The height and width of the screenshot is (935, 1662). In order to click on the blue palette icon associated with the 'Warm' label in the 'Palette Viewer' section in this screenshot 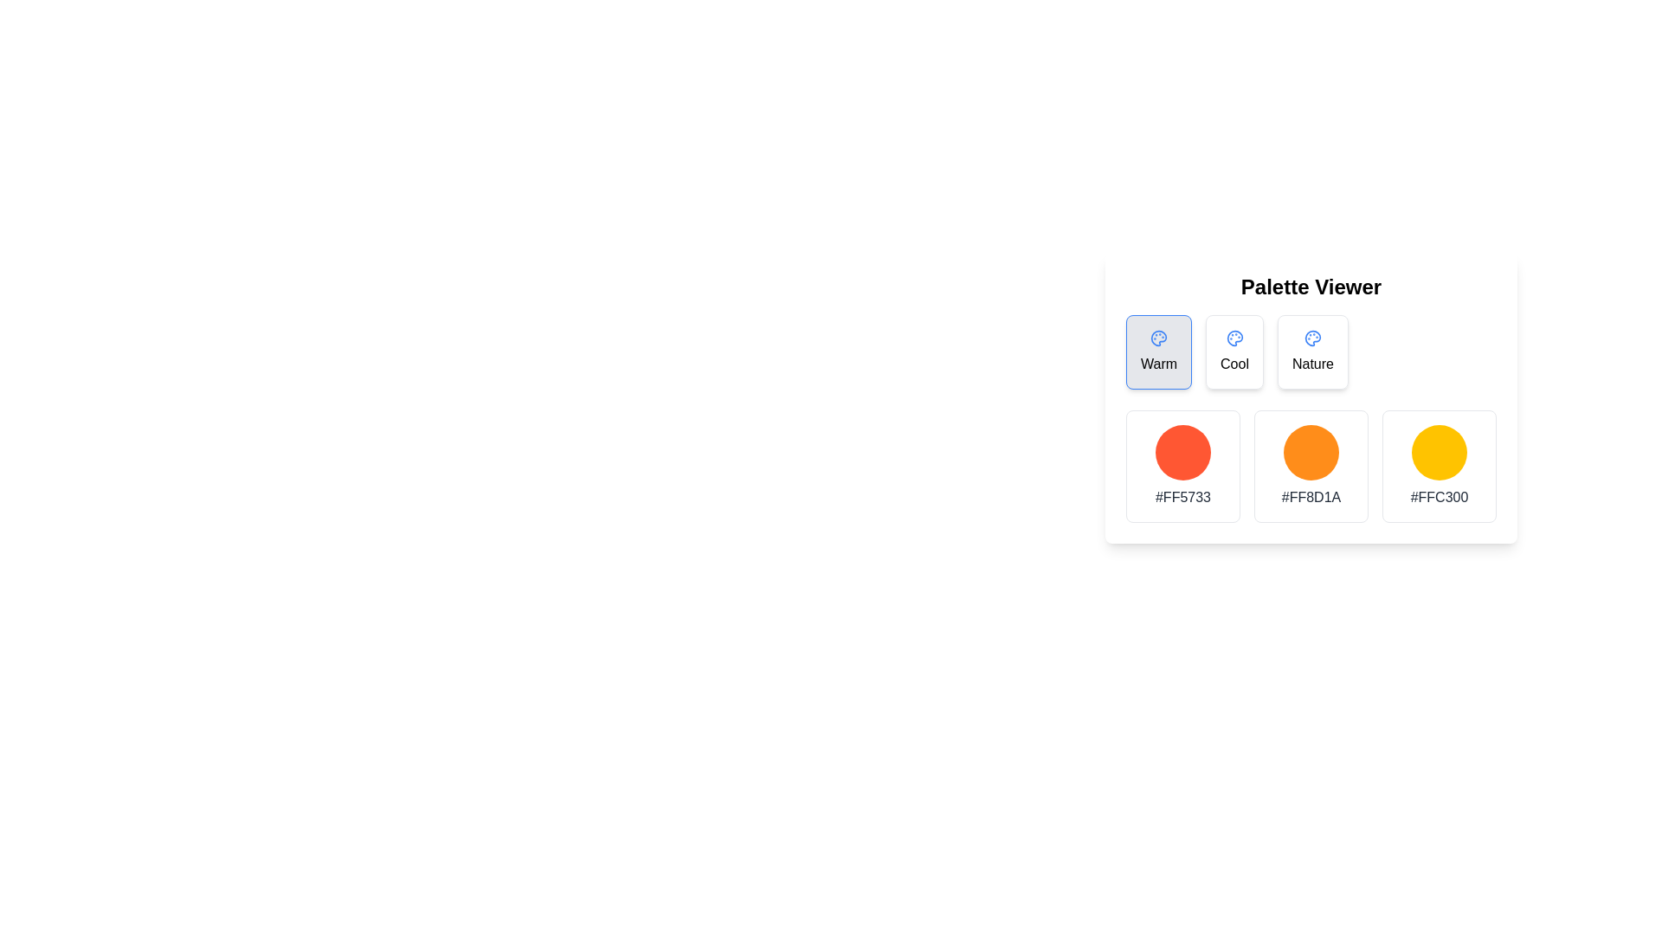, I will do `click(1159, 338)`.